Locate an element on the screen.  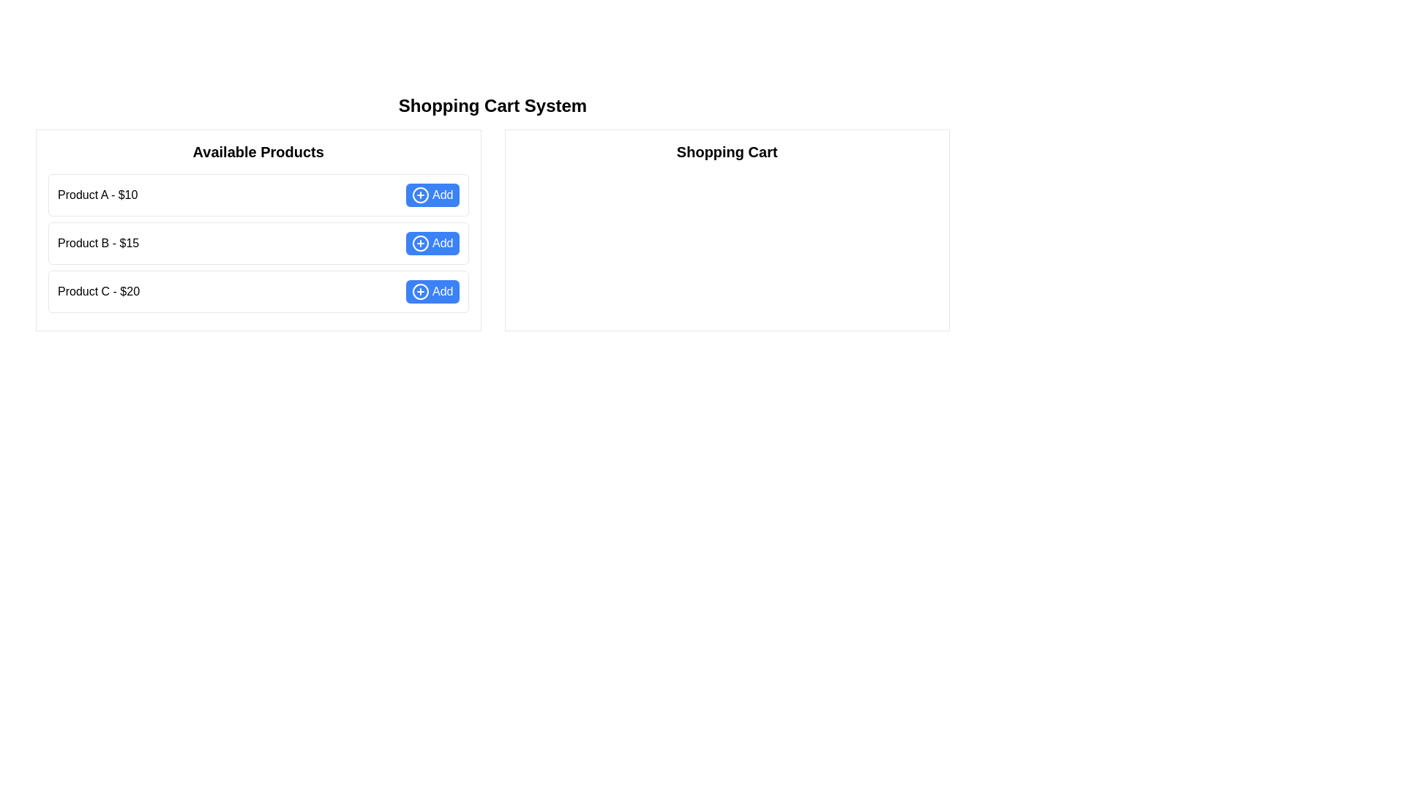
the button that allows users to add 'Product C - $20' to the shopping cart, located at the far-right of the third row in the 'Available Products' section is located at coordinates (432, 291).